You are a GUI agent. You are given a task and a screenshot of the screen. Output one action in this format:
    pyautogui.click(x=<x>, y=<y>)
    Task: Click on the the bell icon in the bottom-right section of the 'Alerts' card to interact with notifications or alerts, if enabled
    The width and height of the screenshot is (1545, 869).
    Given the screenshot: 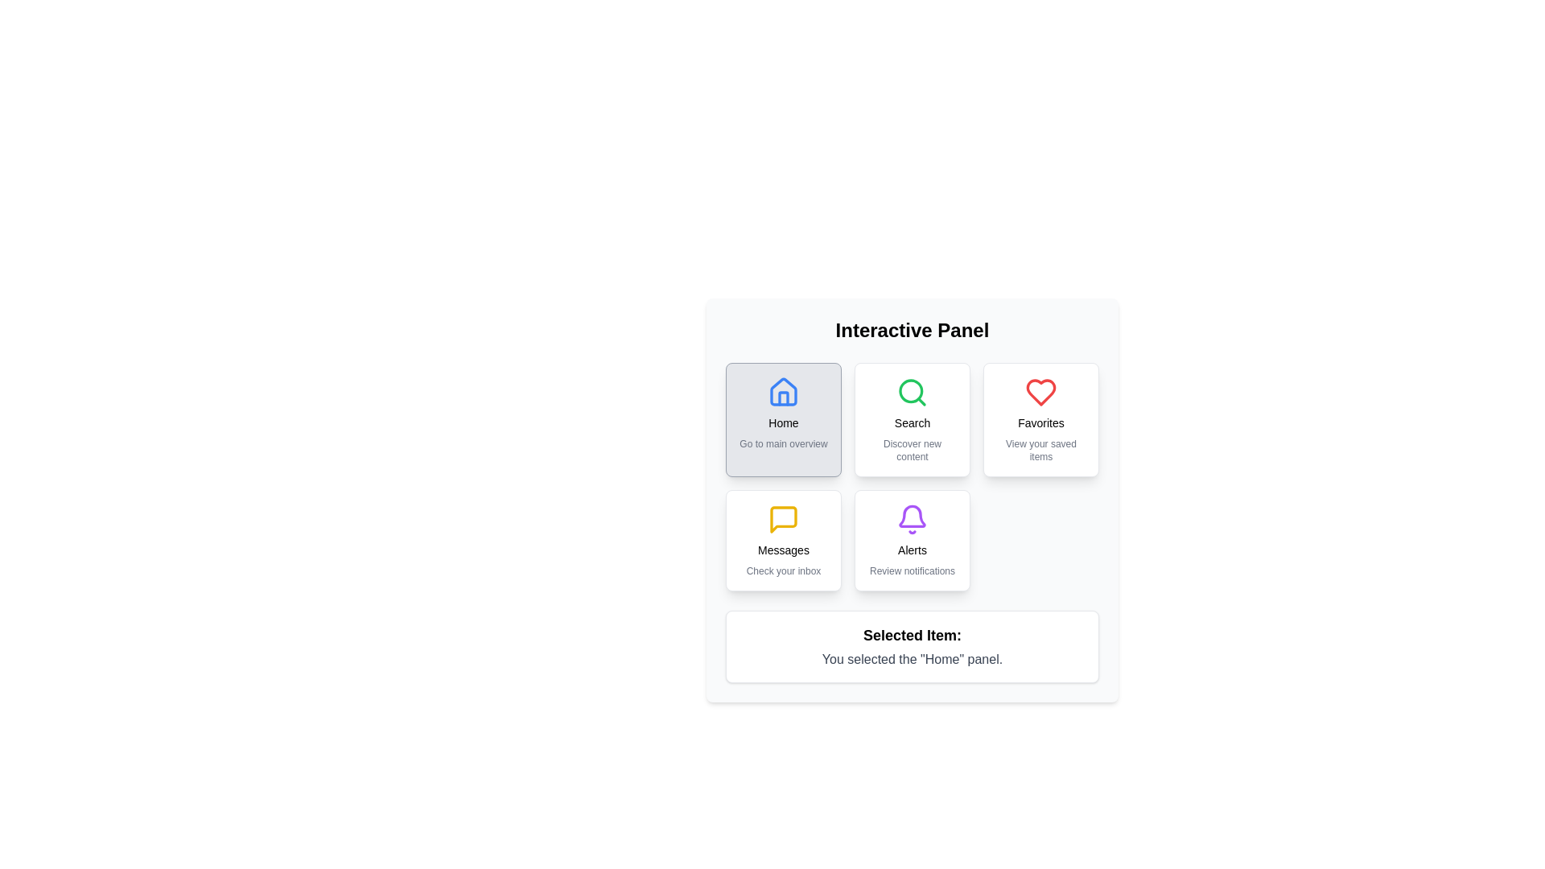 What is the action you would take?
    pyautogui.click(x=912, y=519)
    